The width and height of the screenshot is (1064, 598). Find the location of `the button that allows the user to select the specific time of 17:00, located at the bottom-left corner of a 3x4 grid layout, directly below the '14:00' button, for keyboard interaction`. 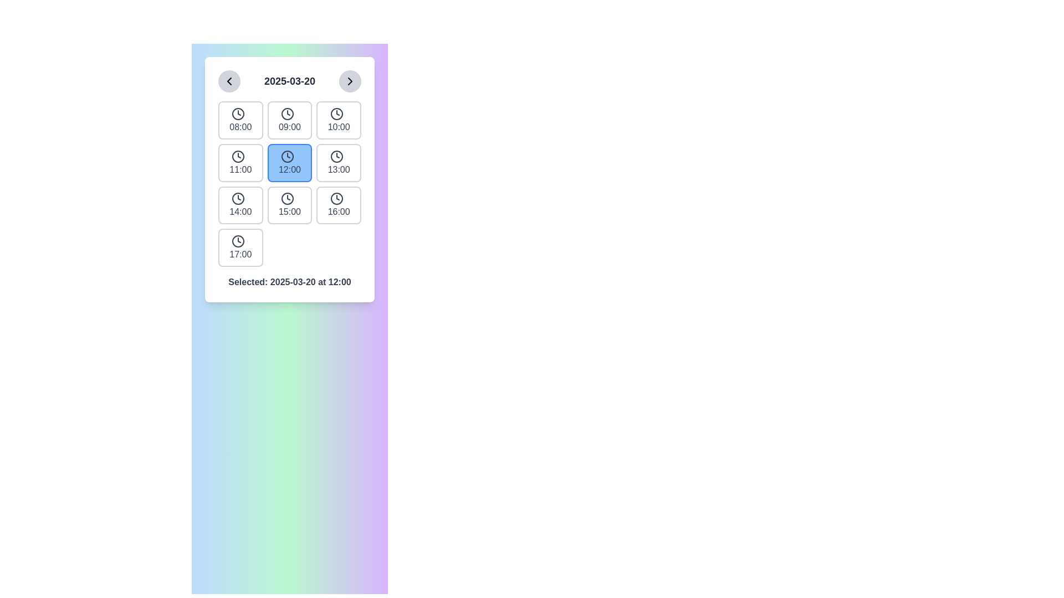

the button that allows the user to select the specific time of 17:00, located at the bottom-left corner of a 3x4 grid layout, directly below the '14:00' button, for keyboard interaction is located at coordinates (240, 247).